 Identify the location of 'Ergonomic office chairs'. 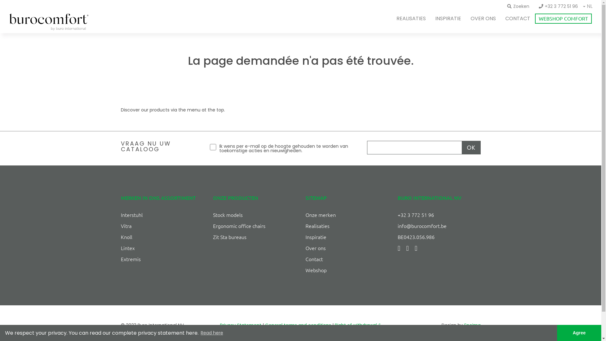
(239, 225).